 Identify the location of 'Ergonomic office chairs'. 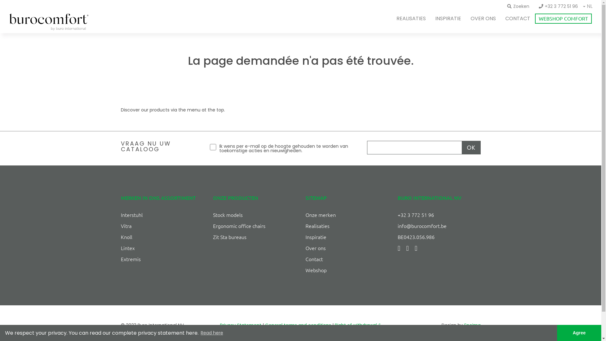
(239, 225).